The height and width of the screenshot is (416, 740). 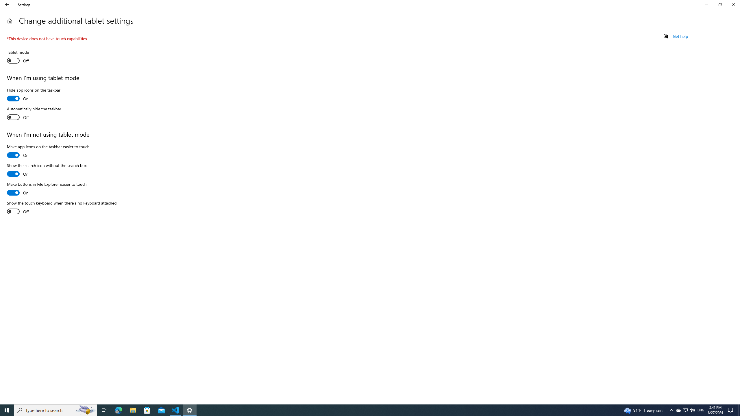 What do you see at coordinates (720, 4) in the screenshot?
I see `'Restore Settings'` at bounding box center [720, 4].